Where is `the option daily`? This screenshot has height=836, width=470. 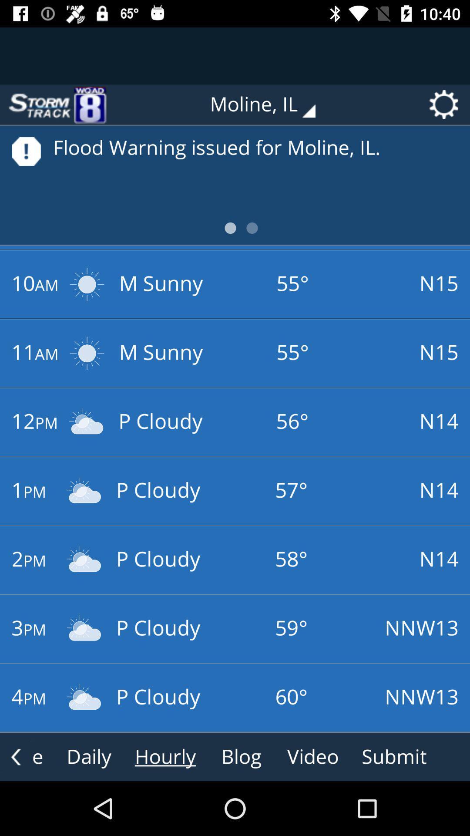 the option daily is located at coordinates (89, 756).